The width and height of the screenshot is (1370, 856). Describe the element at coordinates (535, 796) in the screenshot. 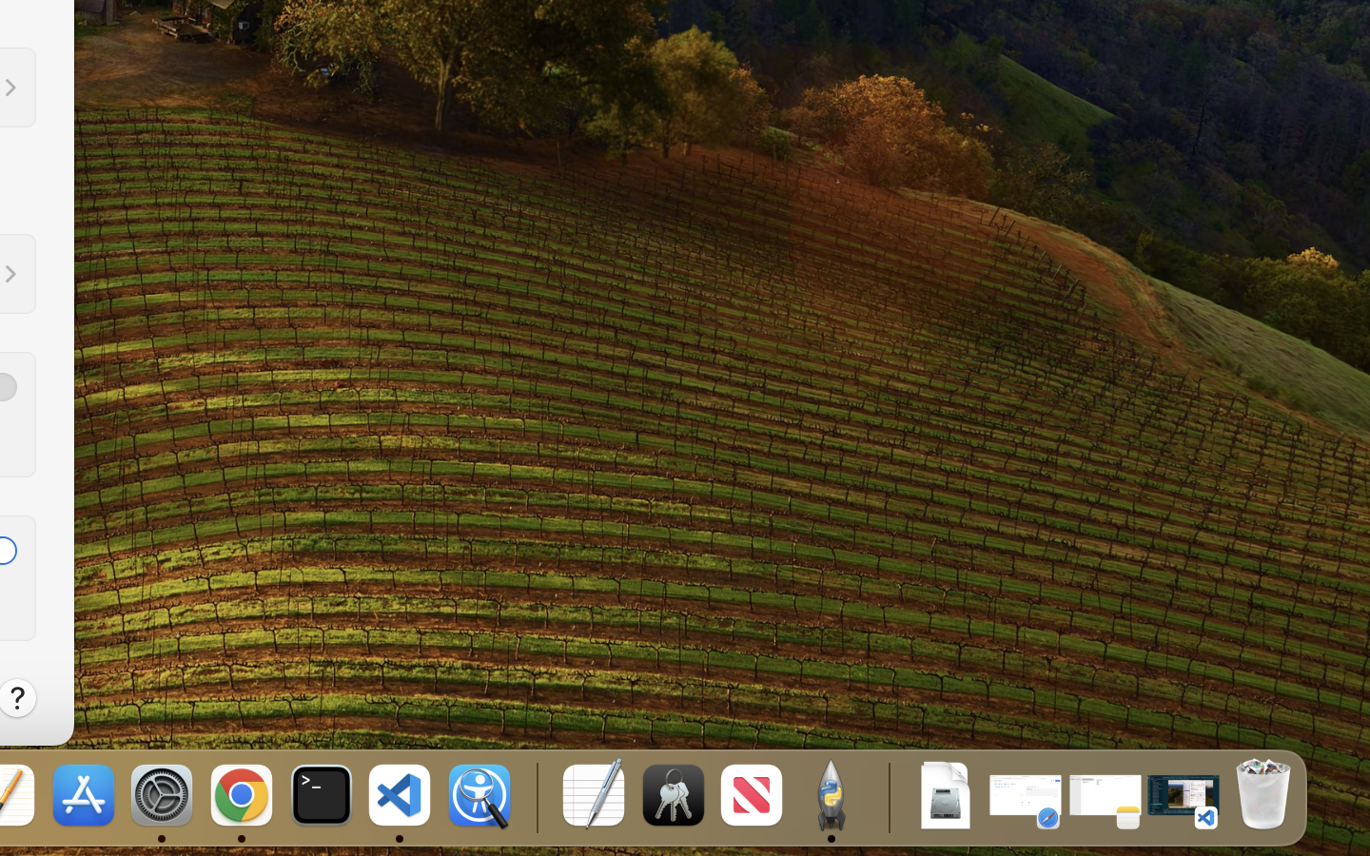

I see `'0.4285714328289032'` at that location.